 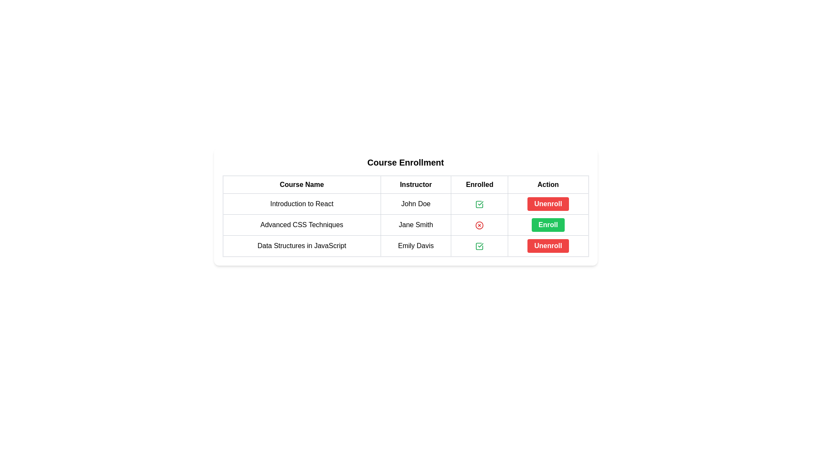 What do you see at coordinates (548, 204) in the screenshot?
I see `the unenroll button located in the 'Action' column of the course enrollment table, corresponding to the 'Introduction to React' course taught by 'John Doe', to initiate the unenrollment process` at bounding box center [548, 204].